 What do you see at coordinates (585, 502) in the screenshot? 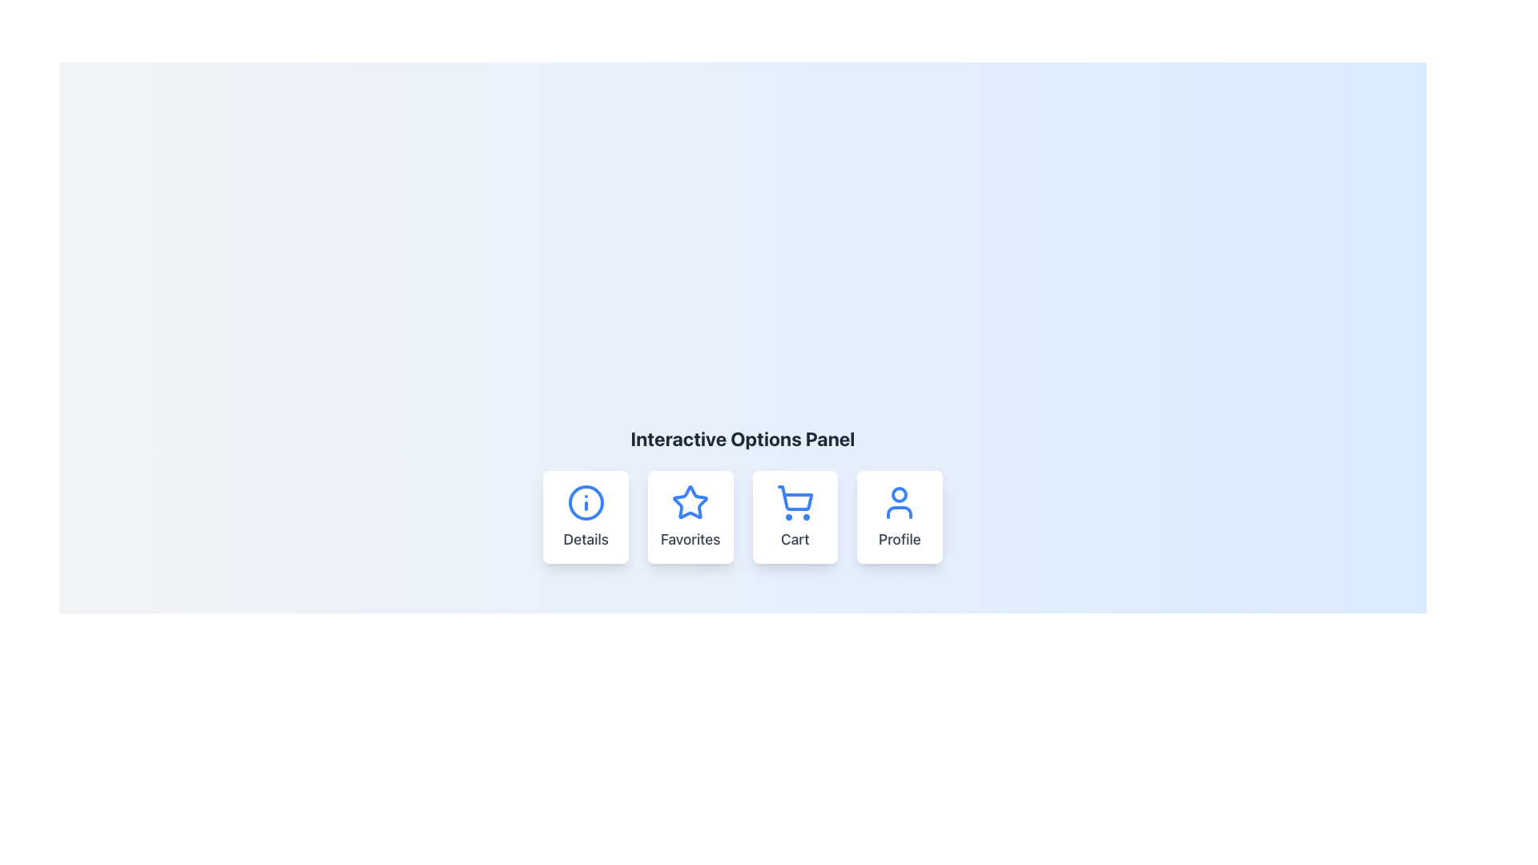
I see `the graphical icon that conveys information about the 'Details' section, located centrally within the 'Details' card` at bounding box center [585, 502].